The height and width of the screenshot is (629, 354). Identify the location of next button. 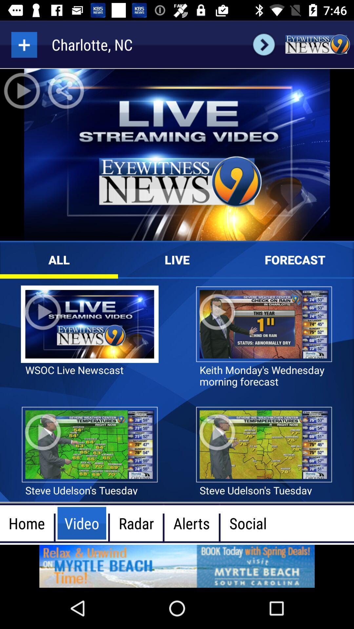
(264, 44).